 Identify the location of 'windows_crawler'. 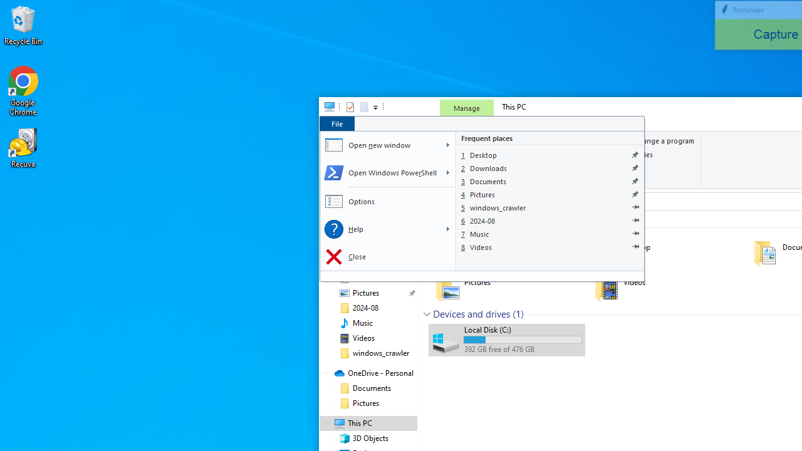
(550, 207).